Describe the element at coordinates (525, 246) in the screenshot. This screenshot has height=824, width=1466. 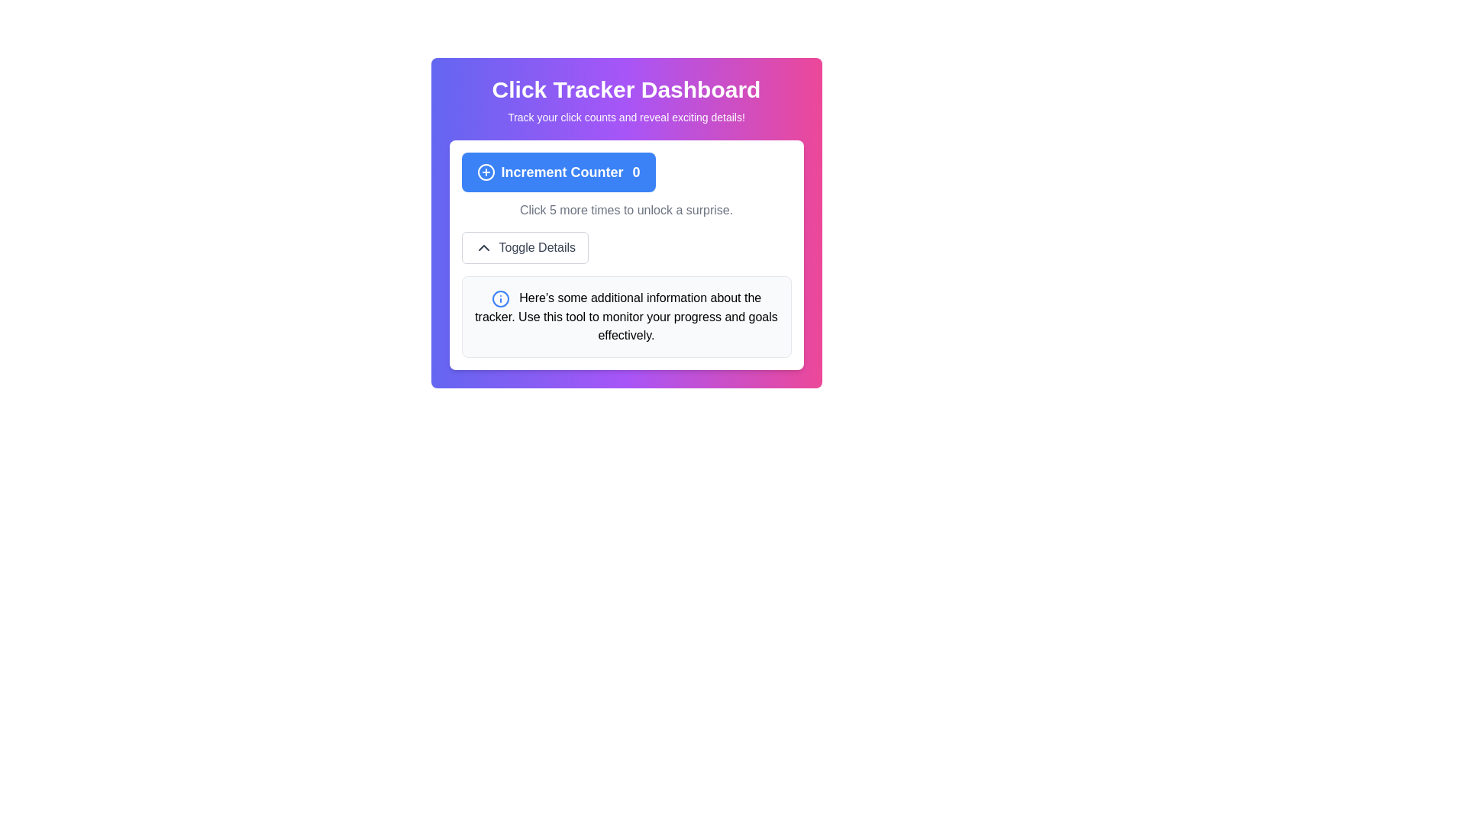
I see `the button that toggles the visibility of additional details, located below the text 'Click 5 more times to unlock a surprise.' and above a gray box` at that location.